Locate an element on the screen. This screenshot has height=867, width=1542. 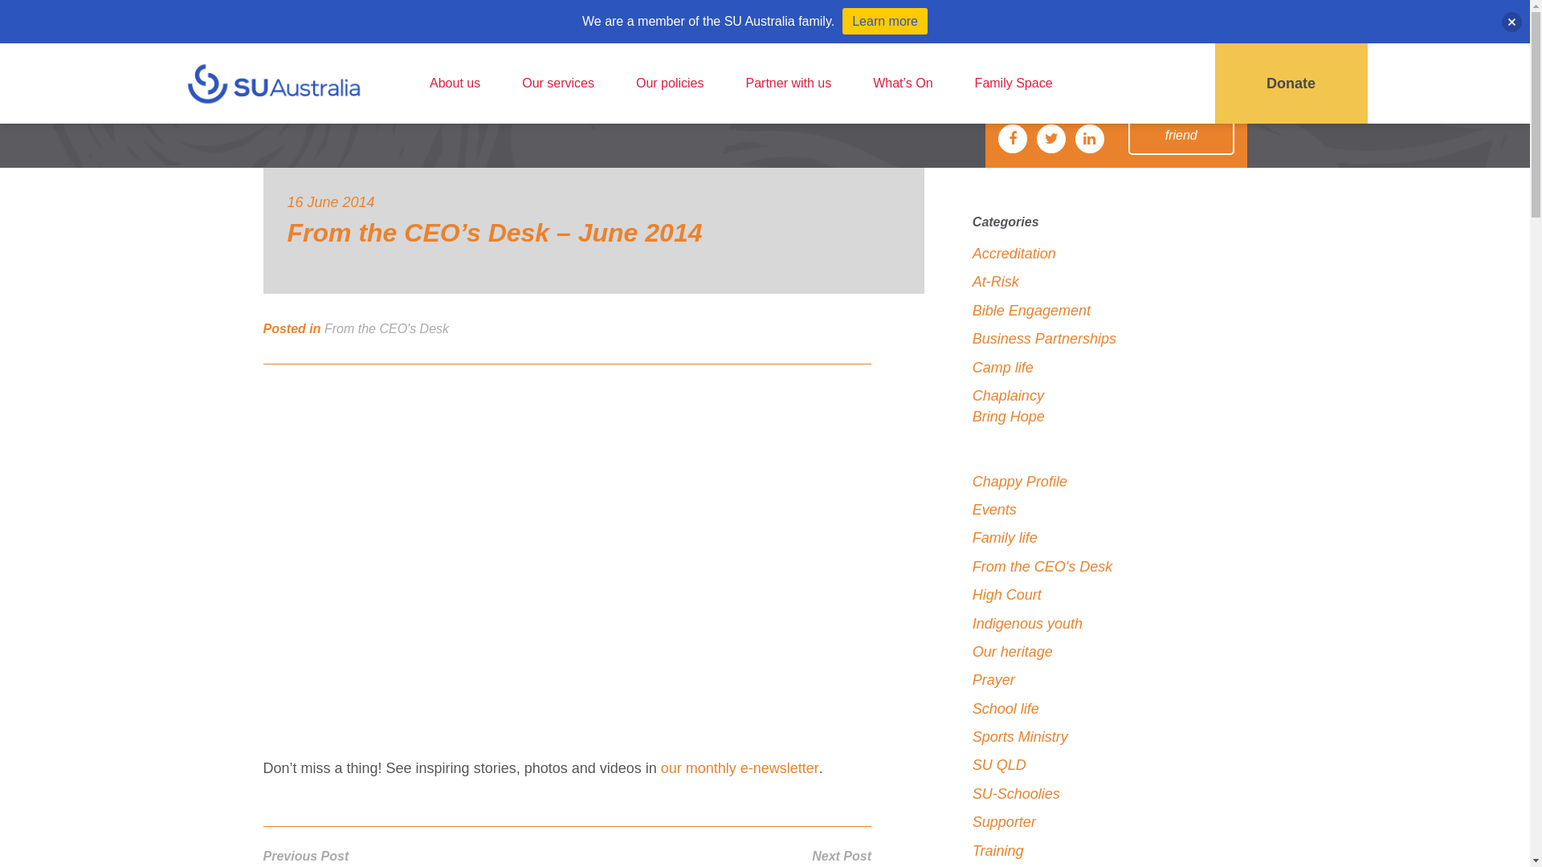
'Chappy Profile' is located at coordinates (971, 481).